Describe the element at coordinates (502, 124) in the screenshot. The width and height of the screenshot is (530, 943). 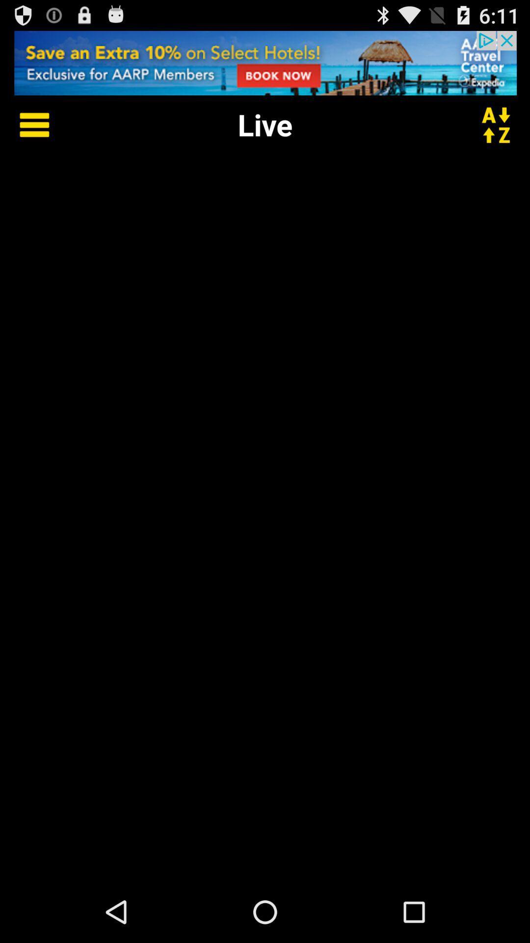
I see `alternate page` at that location.